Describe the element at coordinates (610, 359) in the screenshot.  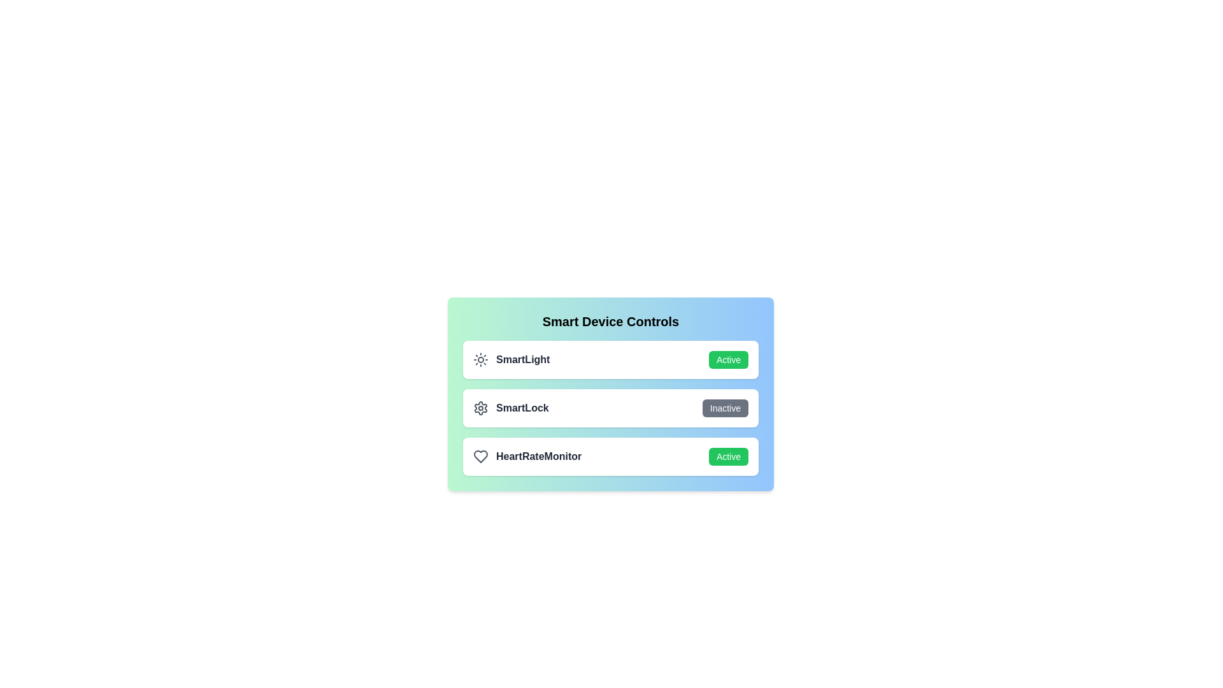
I see `the list item SmartLight to observe the hover effect` at that location.